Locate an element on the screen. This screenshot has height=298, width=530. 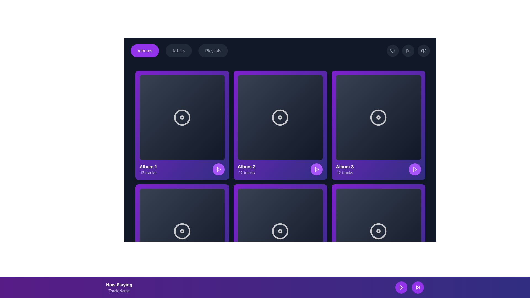
the circular icon with a white stroke and filled circle located at the center of the top-left card labeled 'Album 1' is located at coordinates (182, 117).